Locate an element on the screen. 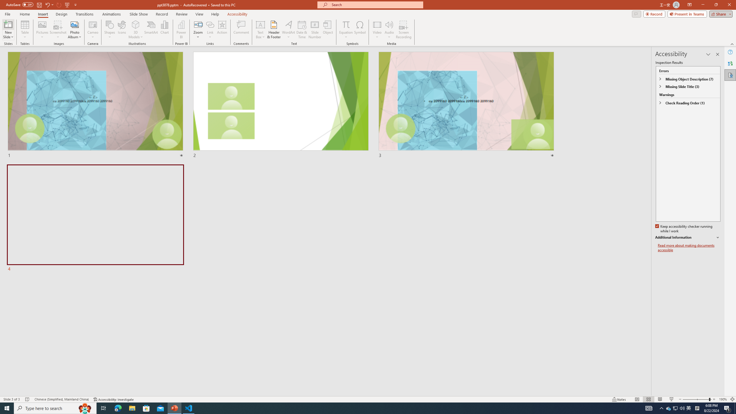 The height and width of the screenshot is (414, 736). 'Power BI' is located at coordinates (181, 30).